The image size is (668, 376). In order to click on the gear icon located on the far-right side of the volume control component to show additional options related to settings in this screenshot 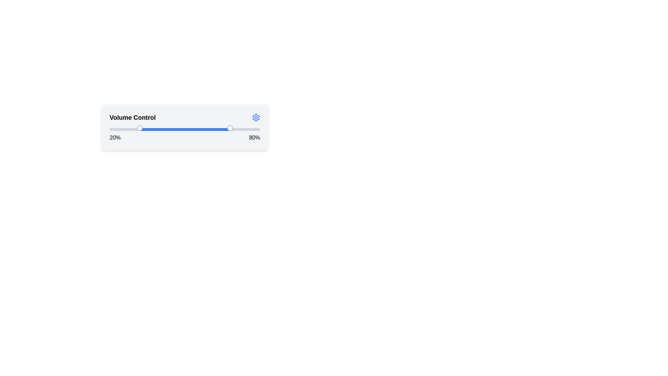, I will do `click(255, 117)`.